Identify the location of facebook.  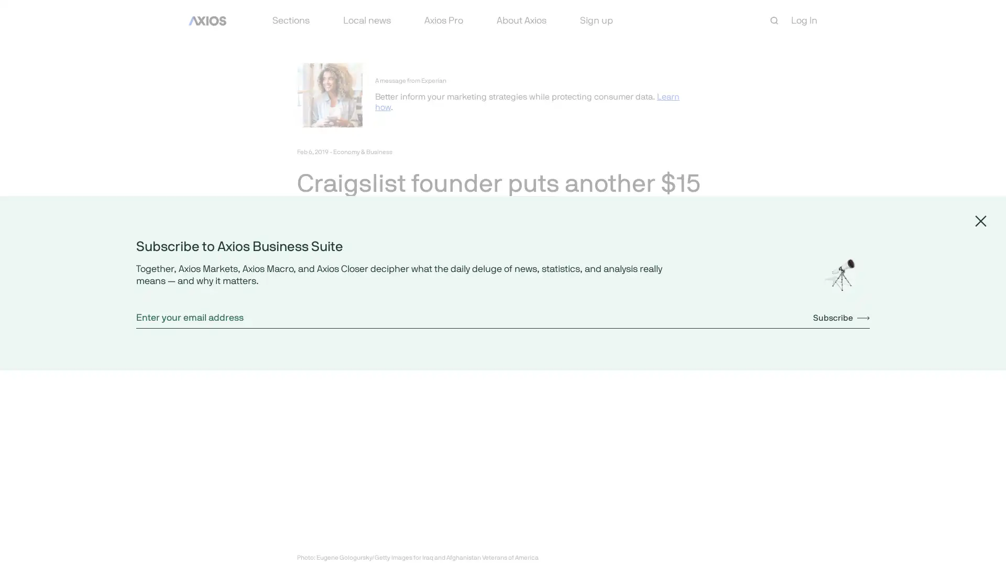
(304, 285).